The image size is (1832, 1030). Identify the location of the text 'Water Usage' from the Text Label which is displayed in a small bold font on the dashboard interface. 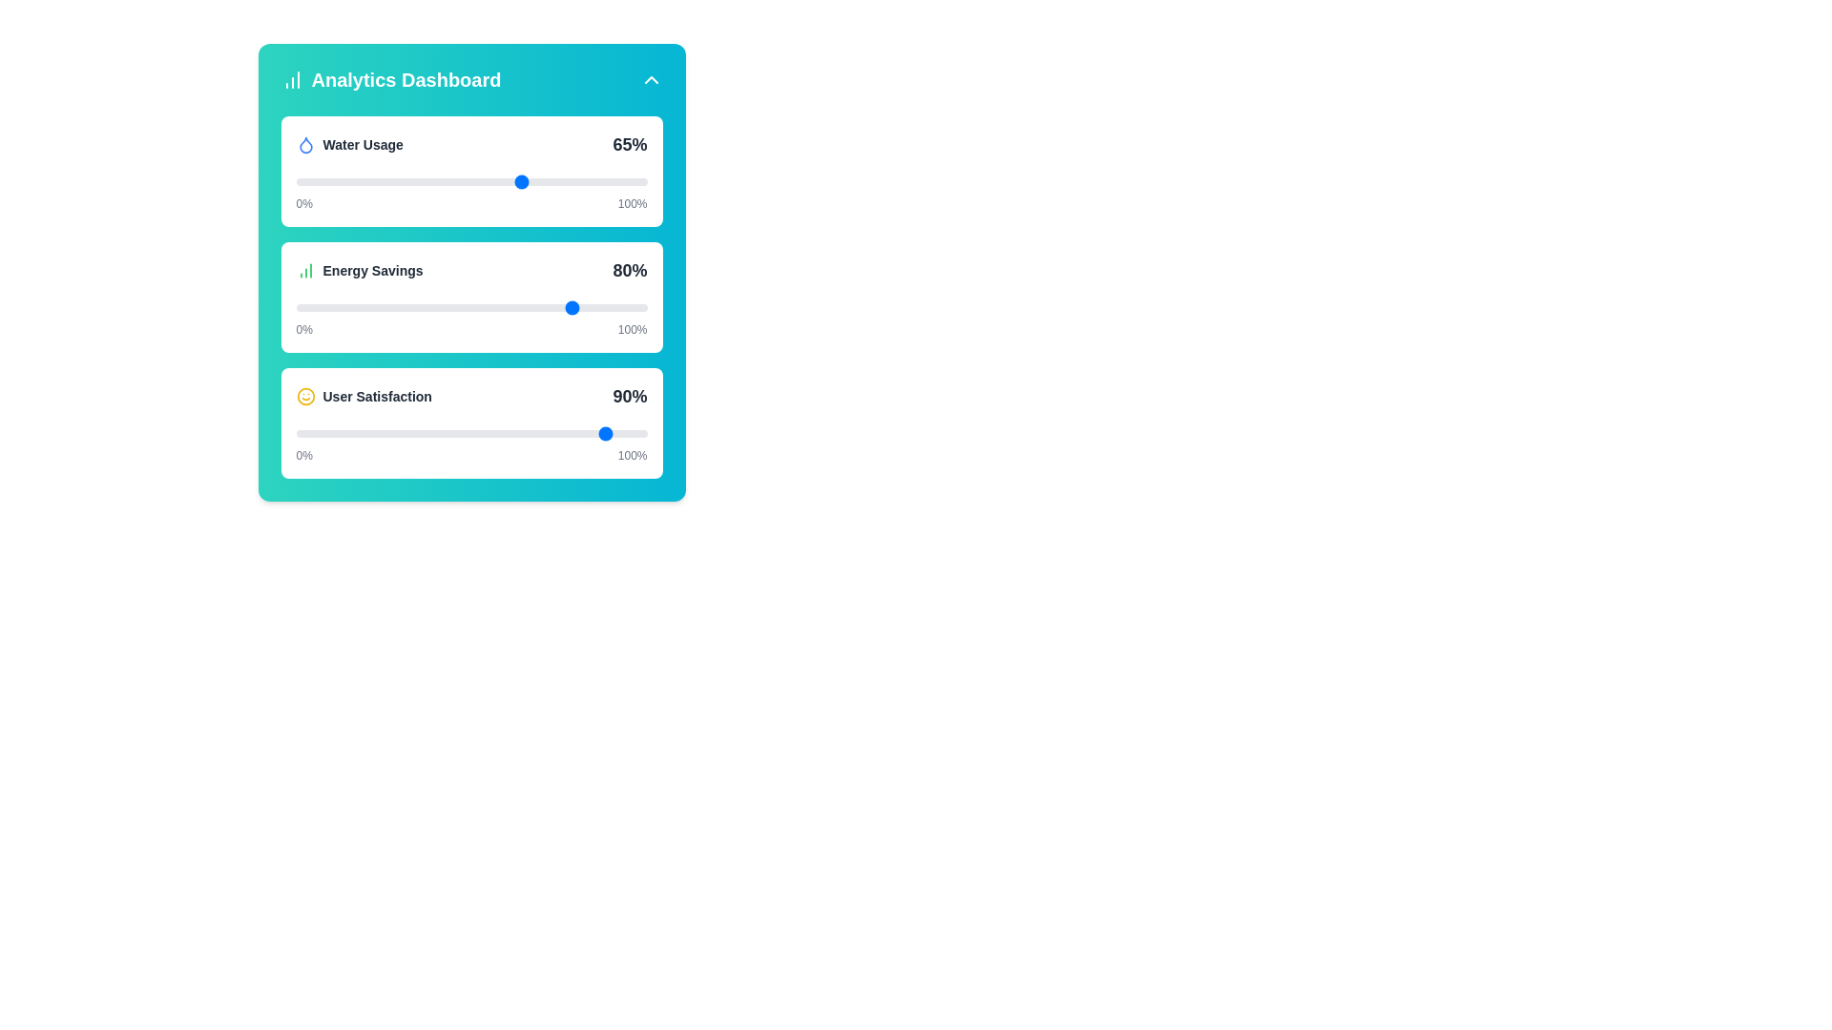
(363, 143).